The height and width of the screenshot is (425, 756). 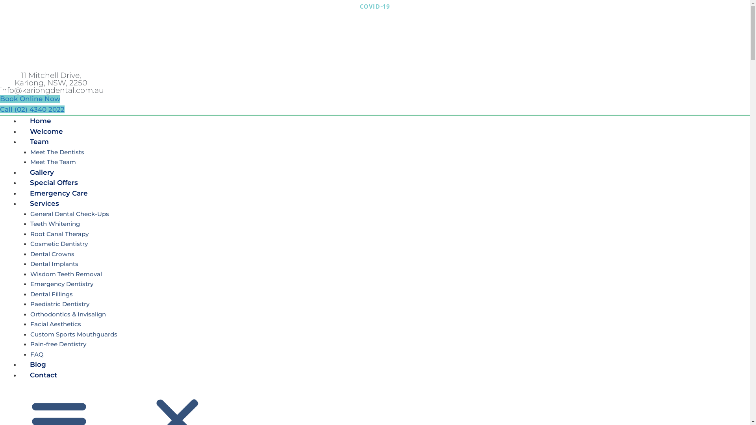 I want to click on 'Team', so click(x=39, y=141).